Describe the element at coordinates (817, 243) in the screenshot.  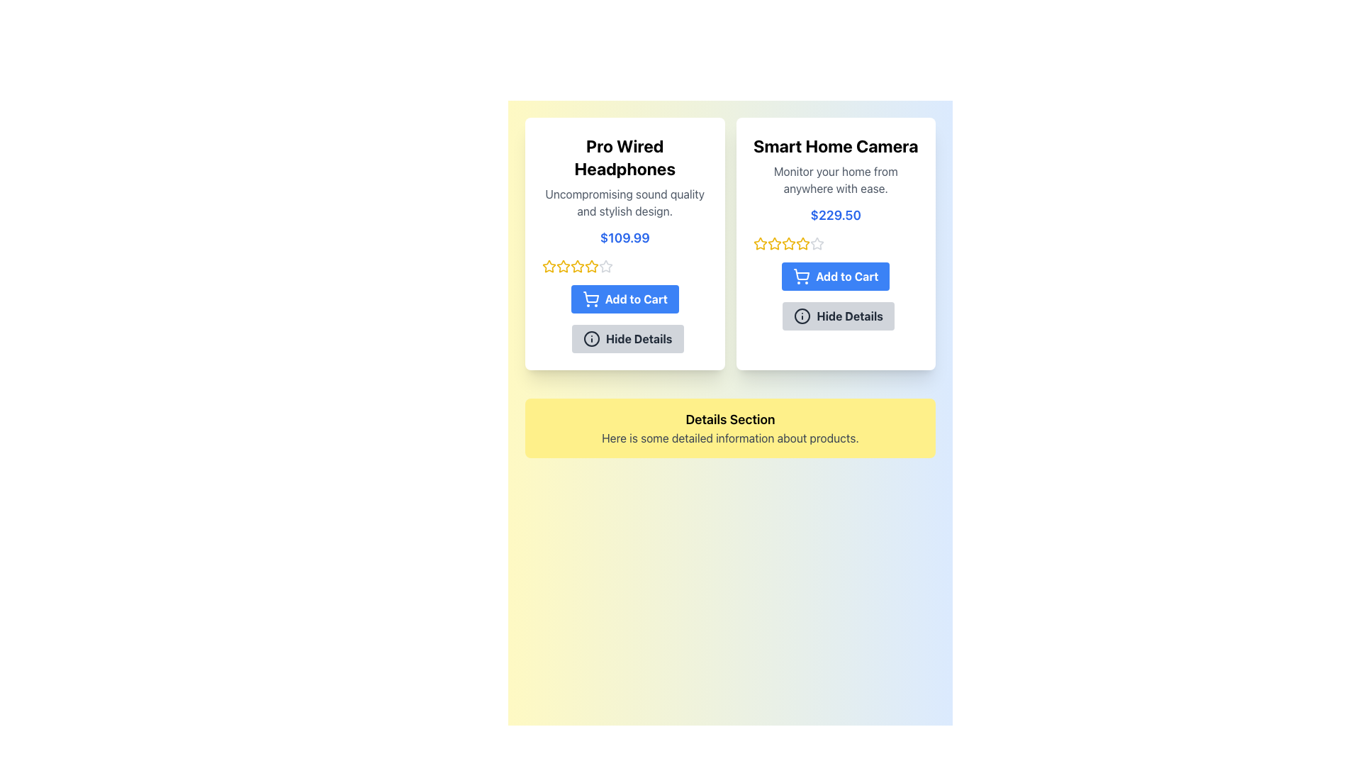
I see `the fifth star in the rating system below 'Smart Home Camera'` at that location.